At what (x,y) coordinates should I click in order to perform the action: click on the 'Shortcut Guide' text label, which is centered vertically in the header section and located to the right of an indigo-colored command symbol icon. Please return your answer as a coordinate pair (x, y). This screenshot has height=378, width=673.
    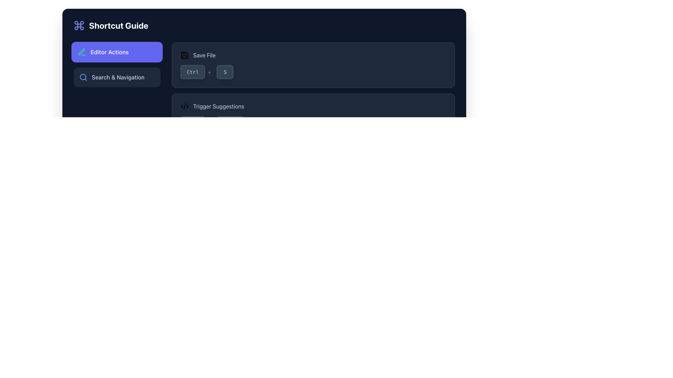
    Looking at the image, I should click on (118, 25).